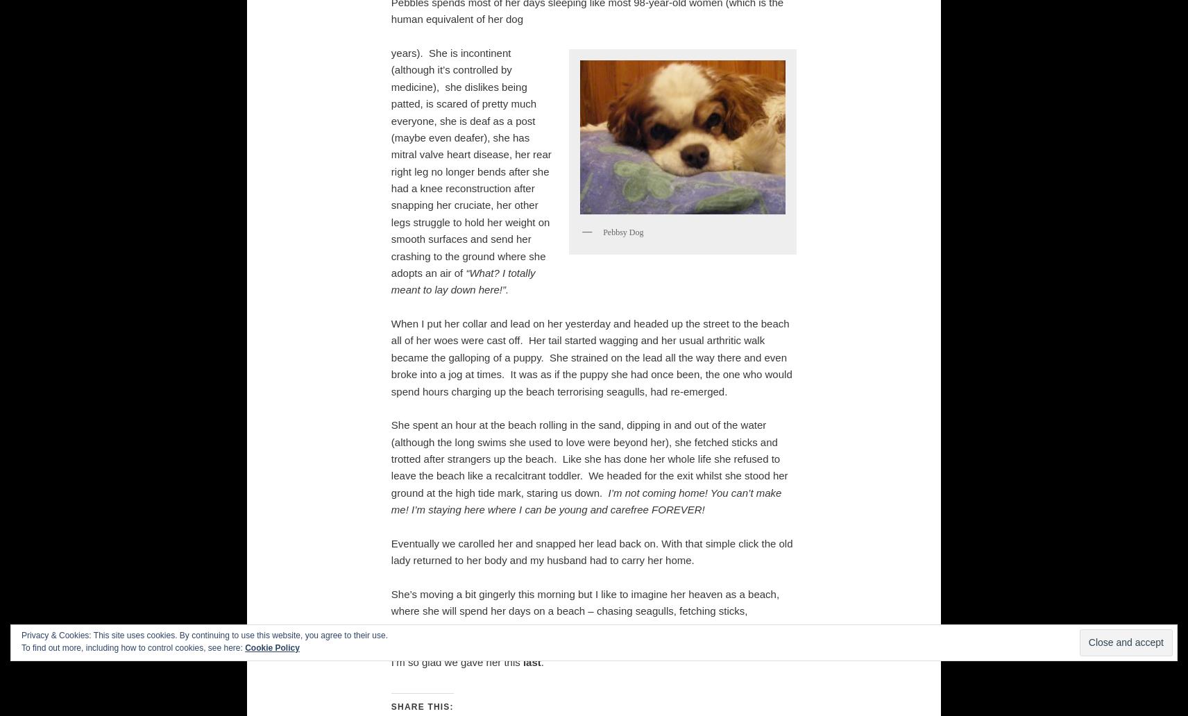 The width and height of the screenshot is (1188, 716). Describe the element at coordinates (132, 647) in the screenshot. I see `'To find out more, including how to control cookies, see here:'` at that location.